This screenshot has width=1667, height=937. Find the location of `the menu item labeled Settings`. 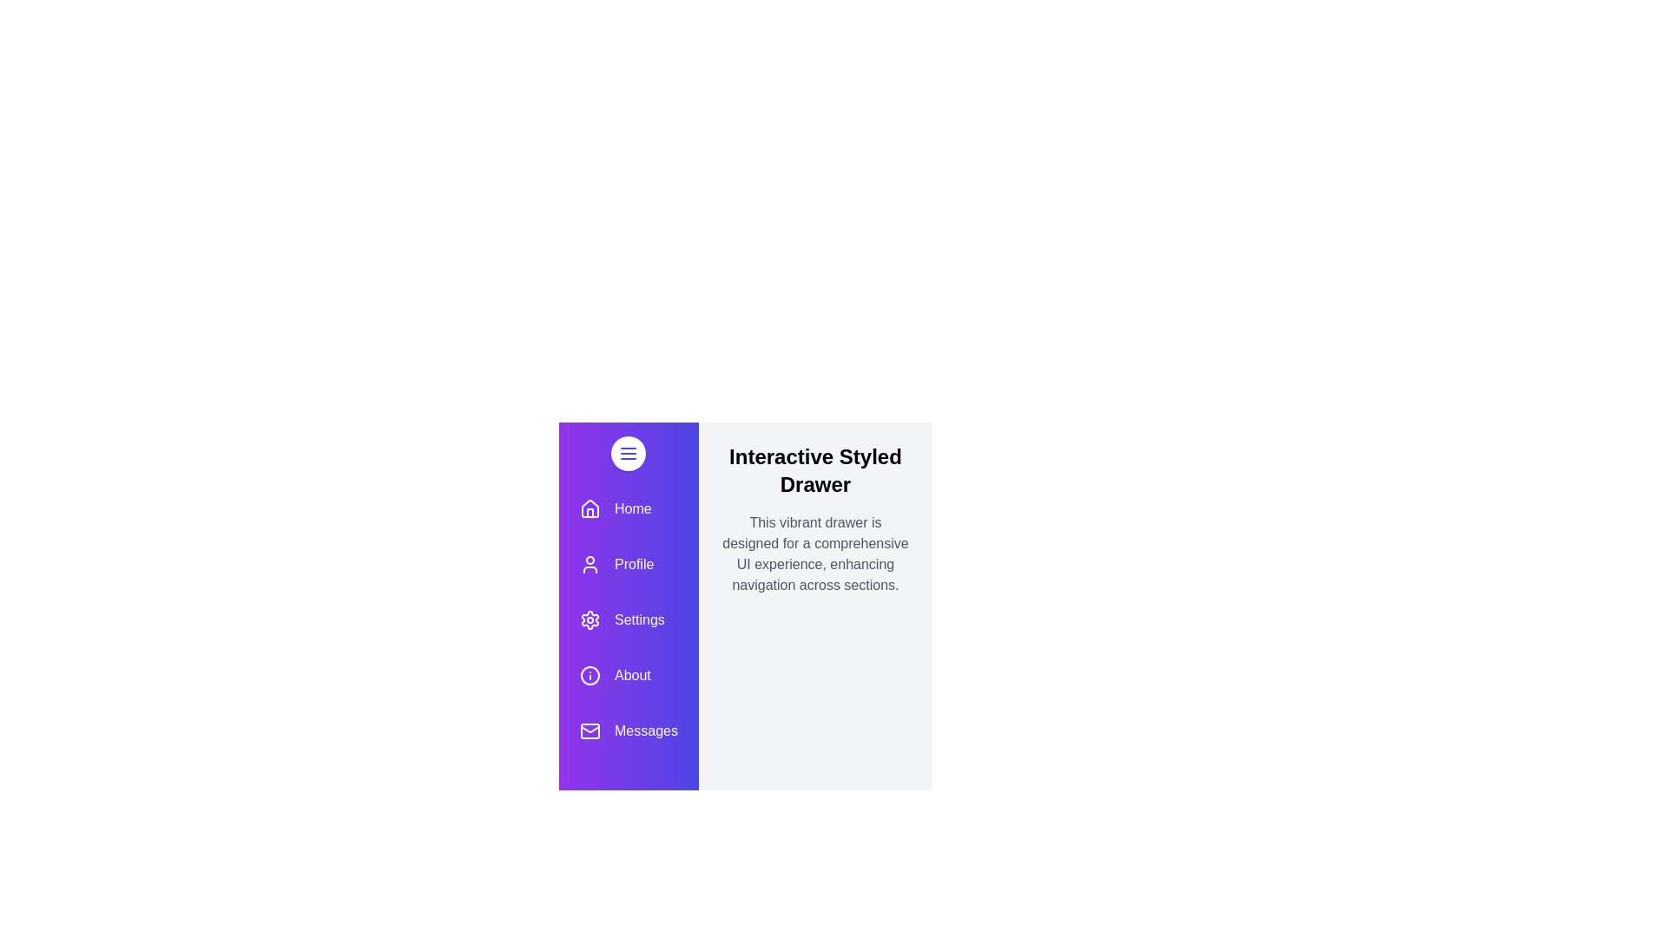

the menu item labeled Settings is located at coordinates (628, 619).